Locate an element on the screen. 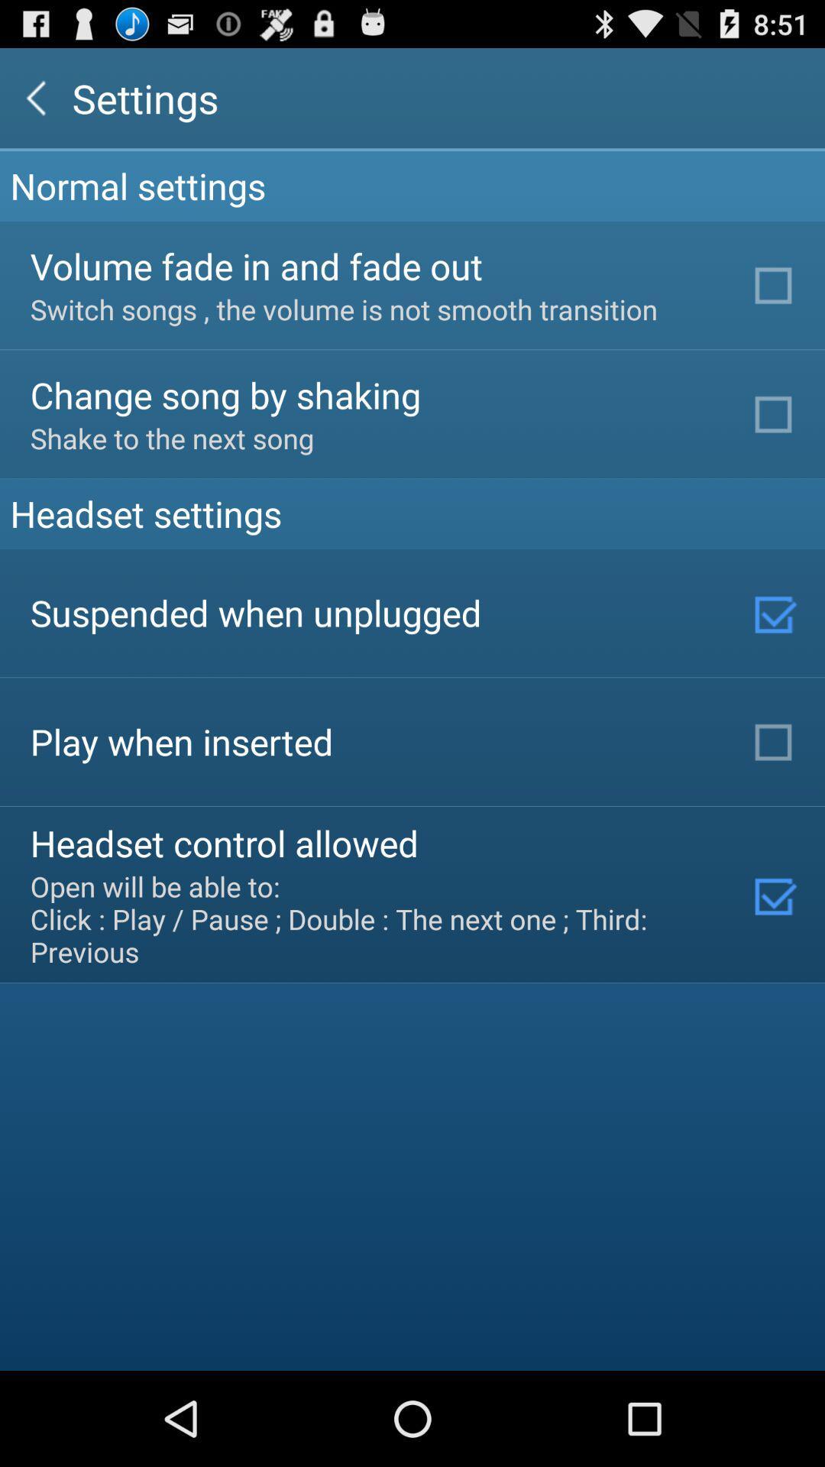 The width and height of the screenshot is (825, 1467). the arrow_backward icon is located at coordinates (35, 104).